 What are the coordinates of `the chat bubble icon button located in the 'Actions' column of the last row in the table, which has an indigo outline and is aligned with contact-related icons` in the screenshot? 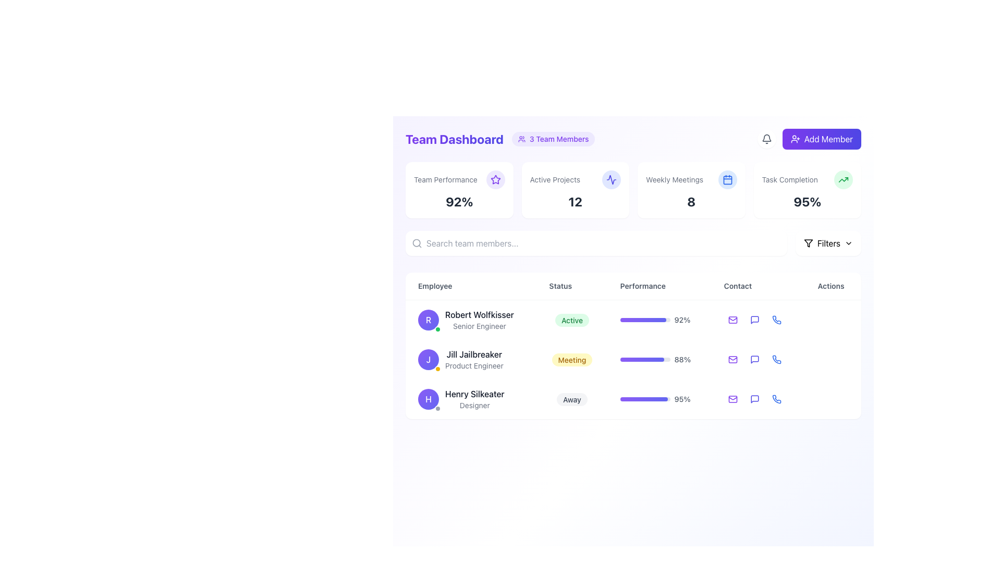 It's located at (754, 399).